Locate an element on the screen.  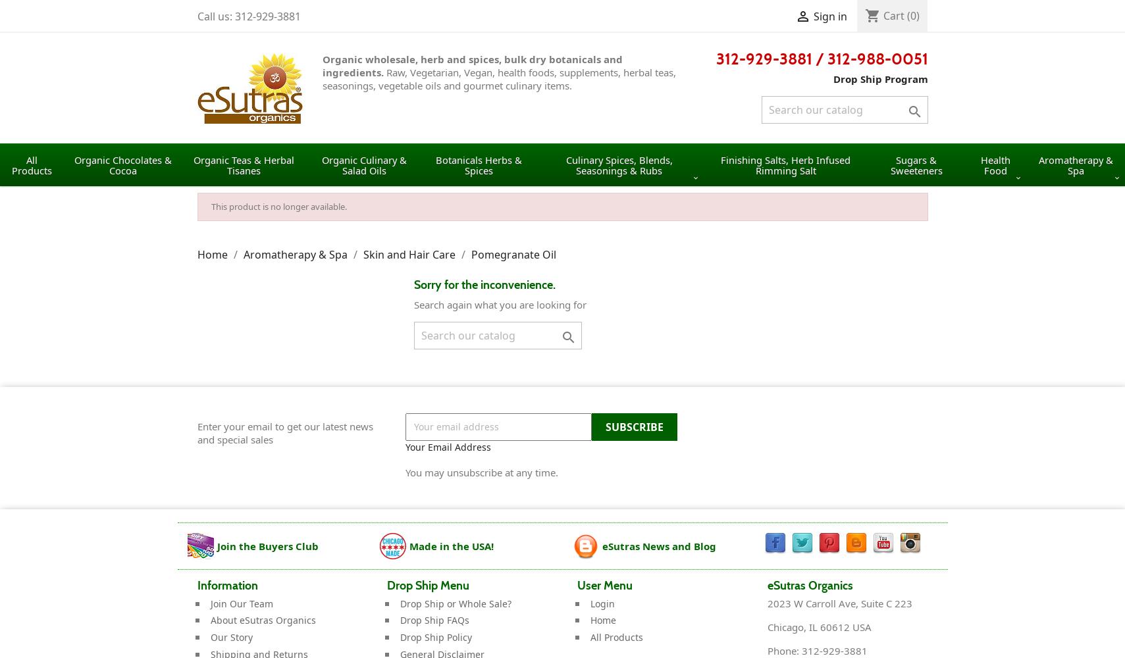
'Drop Ship Program' is located at coordinates (833, 78).